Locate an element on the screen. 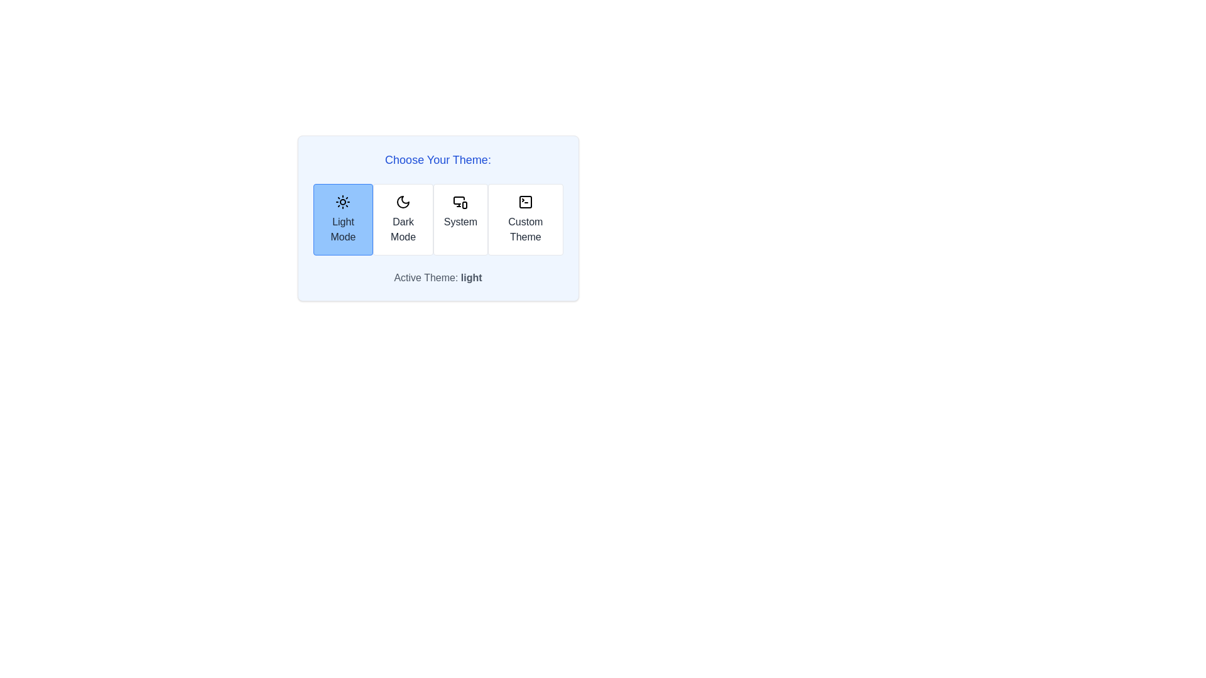  the theme option Dark Mode by clicking on the corresponding button is located at coordinates (403, 219).